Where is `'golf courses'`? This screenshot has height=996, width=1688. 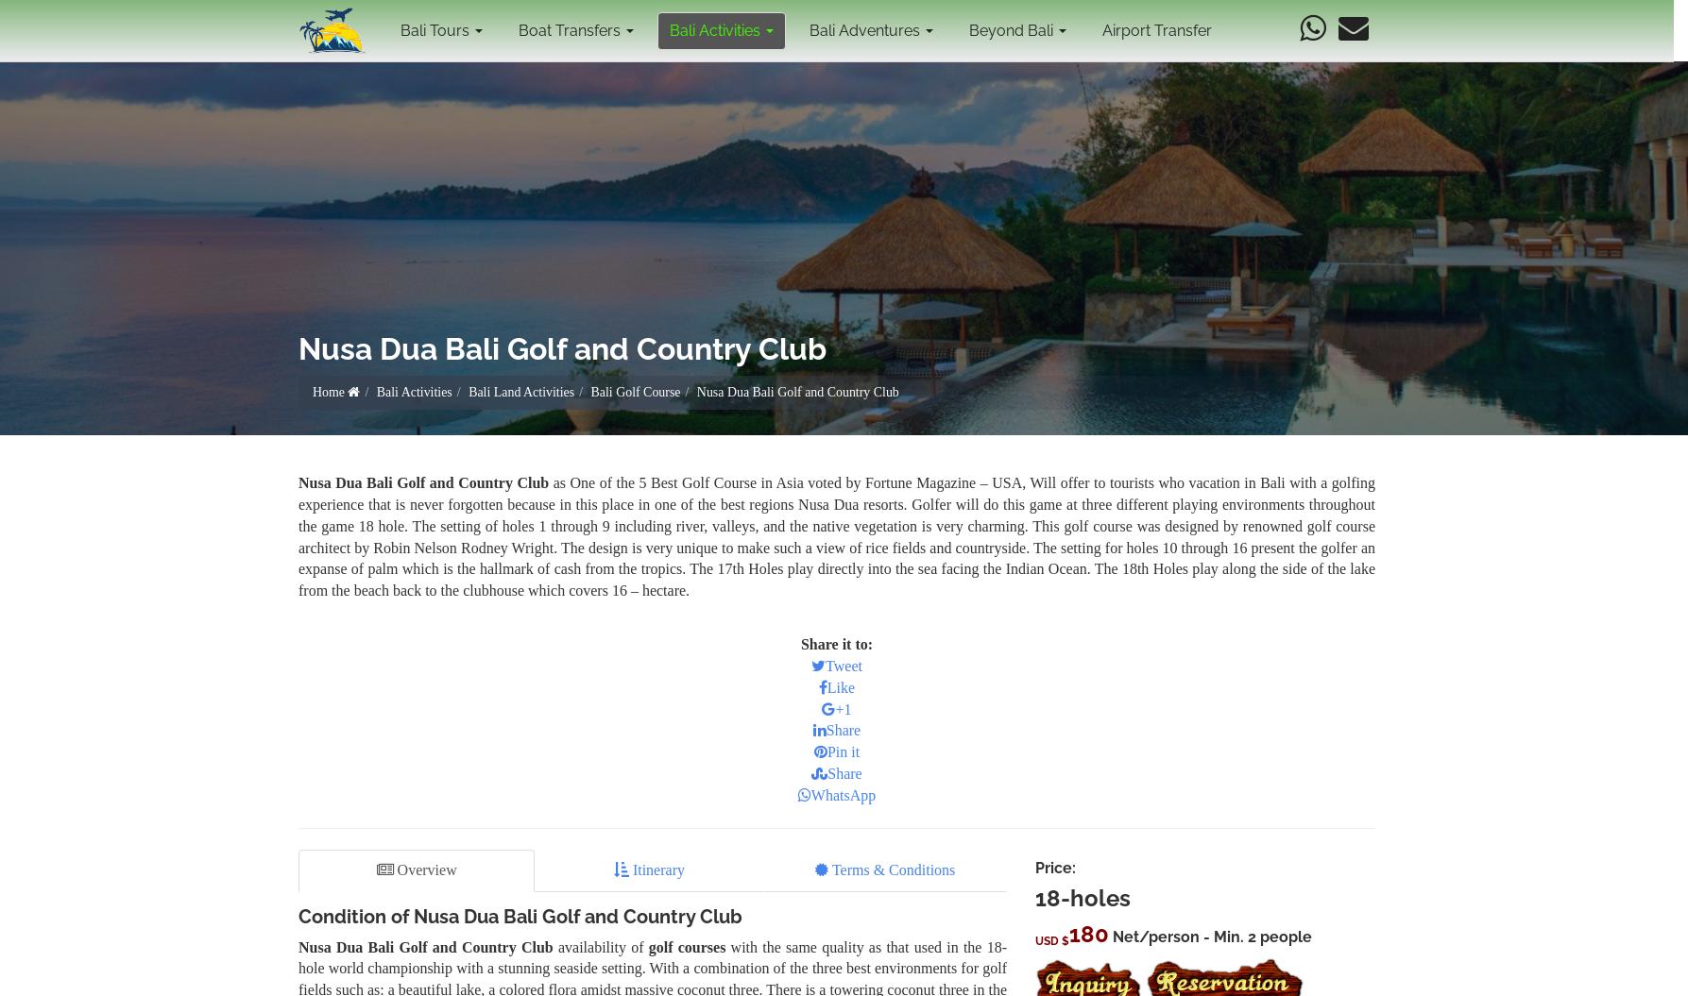 'golf courses' is located at coordinates (686, 945).